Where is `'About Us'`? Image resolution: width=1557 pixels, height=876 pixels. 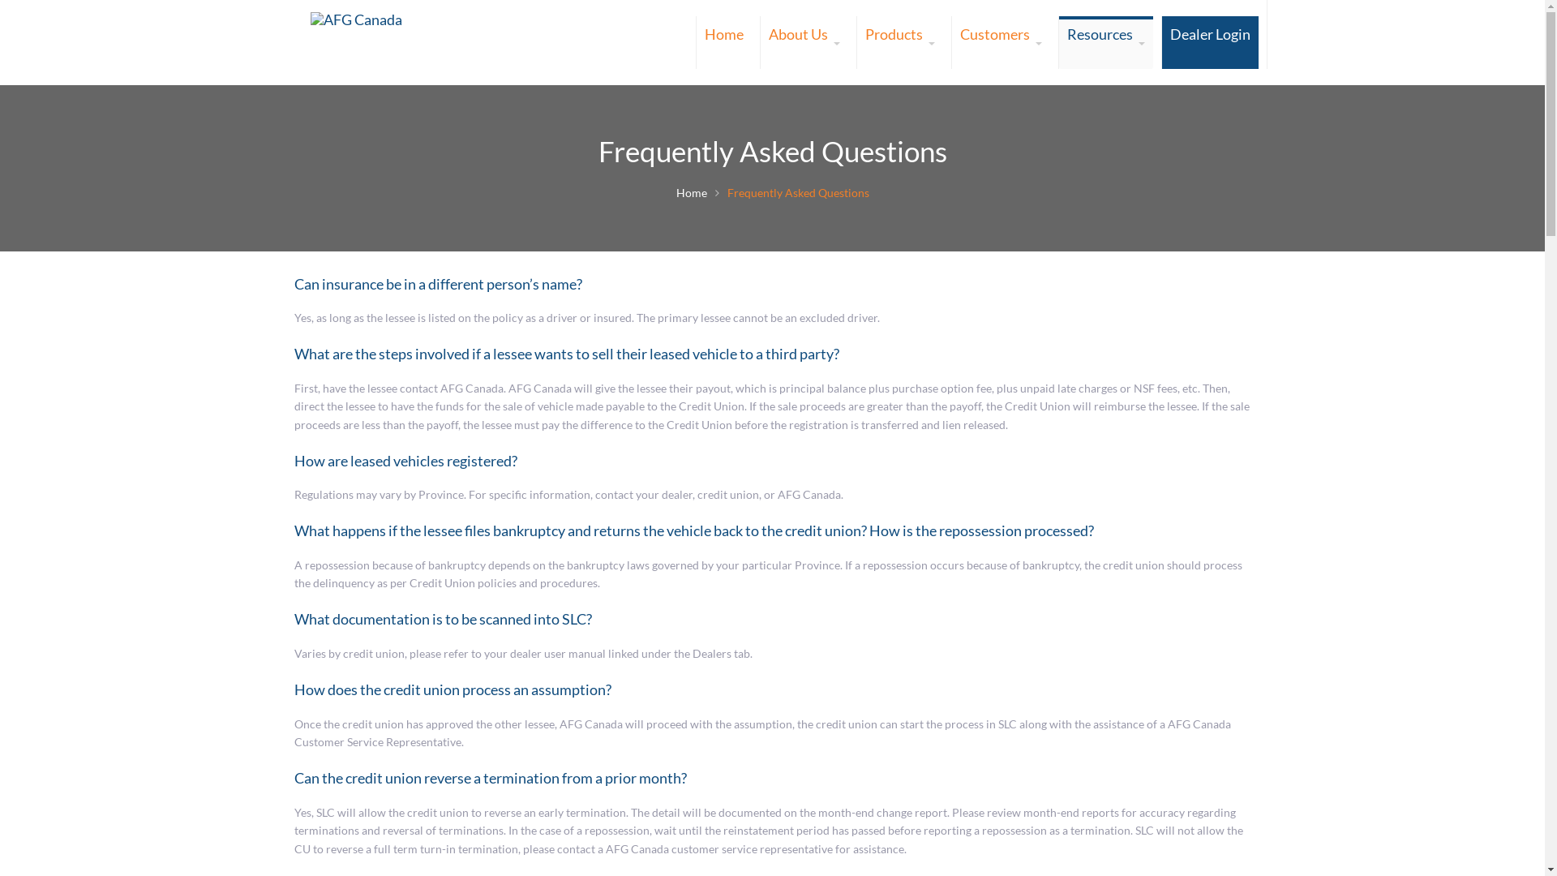
'About Us' is located at coordinates (804, 41).